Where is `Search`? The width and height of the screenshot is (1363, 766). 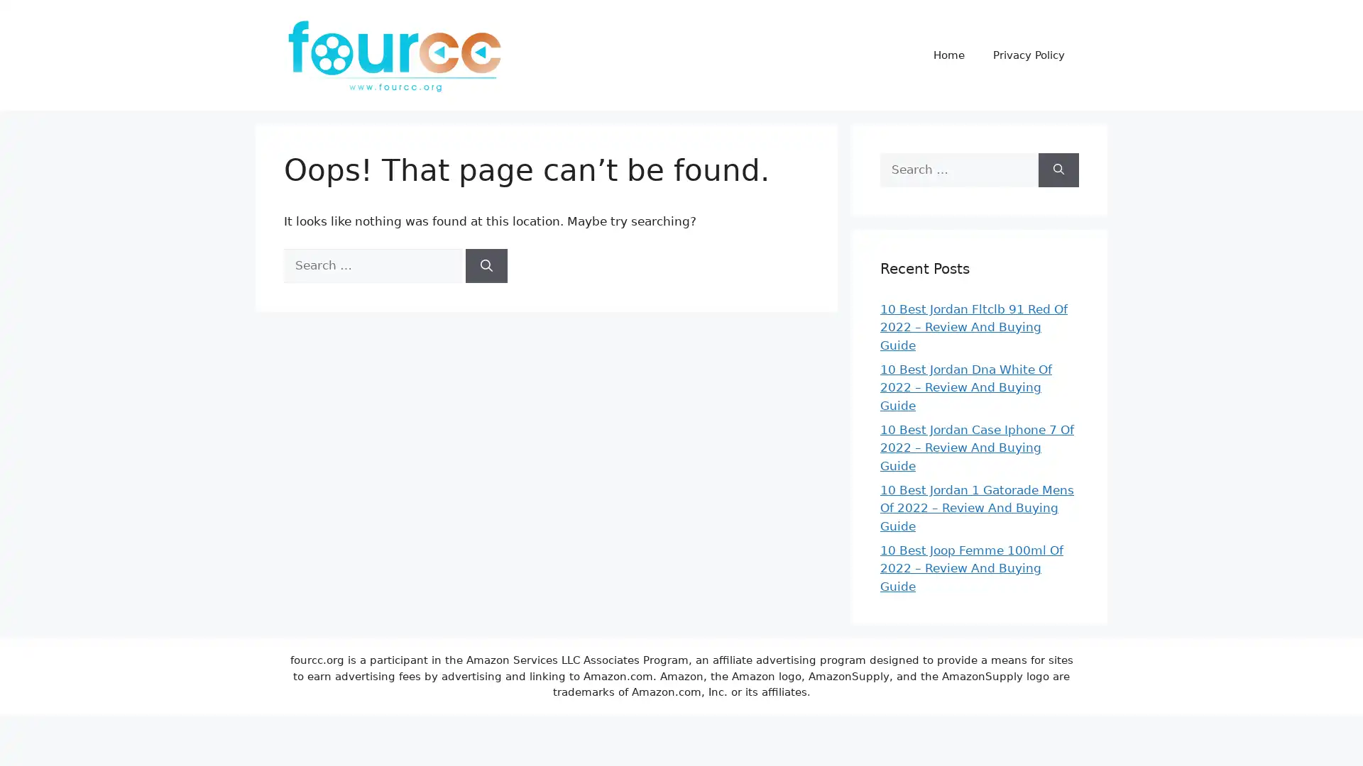 Search is located at coordinates (486, 265).